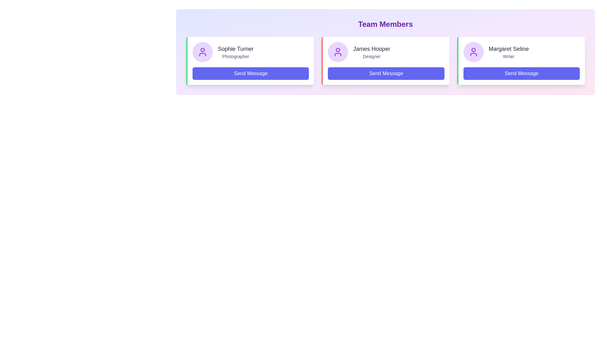 Image resolution: width=607 pixels, height=341 pixels. I want to click on the text label stating 'Sophie Turner' which is displayed in a large, bold font style on the top left white card in a three-card layout, so click(235, 48).